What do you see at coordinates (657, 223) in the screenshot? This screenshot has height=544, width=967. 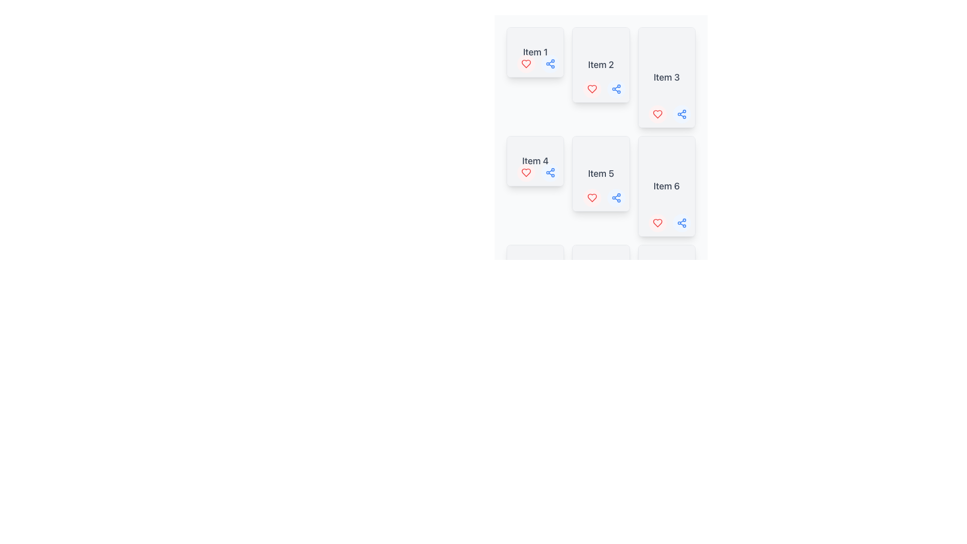 I see `the 'Like' or 'Favorite' button located at the bottom right corner of 'Item 6'` at bounding box center [657, 223].